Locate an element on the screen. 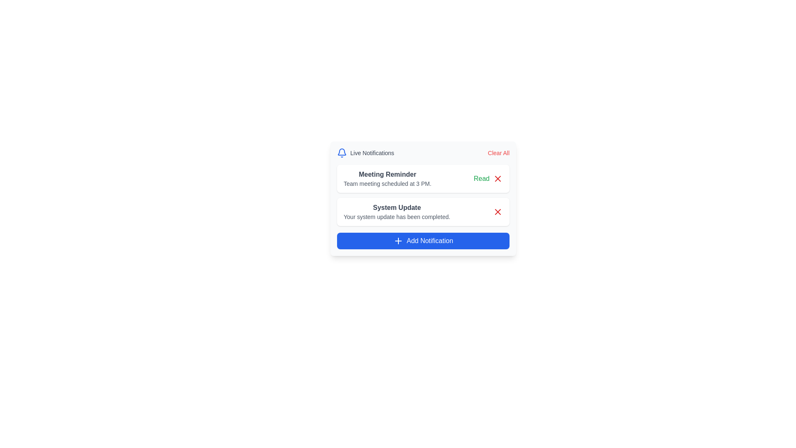 The height and width of the screenshot is (448, 796). the text block that informs the user about a meeting scheduled at 3 PM, located in the notification card section under 'Live Notifications' is located at coordinates (387, 178).